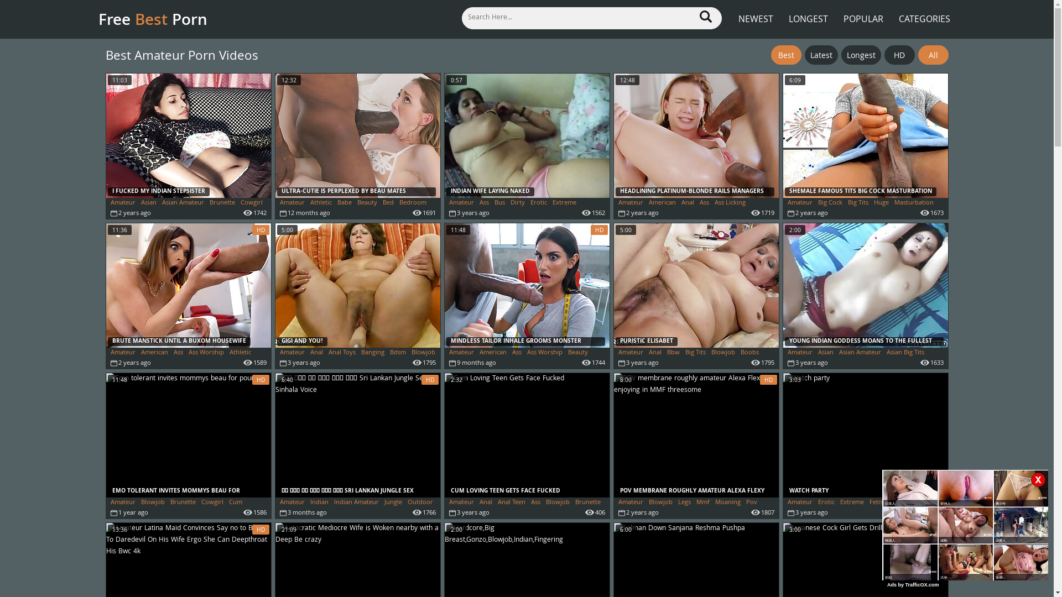 This screenshot has height=597, width=1062. What do you see at coordinates (913, 584) in the screenshot?
I see `'Ads by TrafficOX.com'` at bounding box center [913, 584].